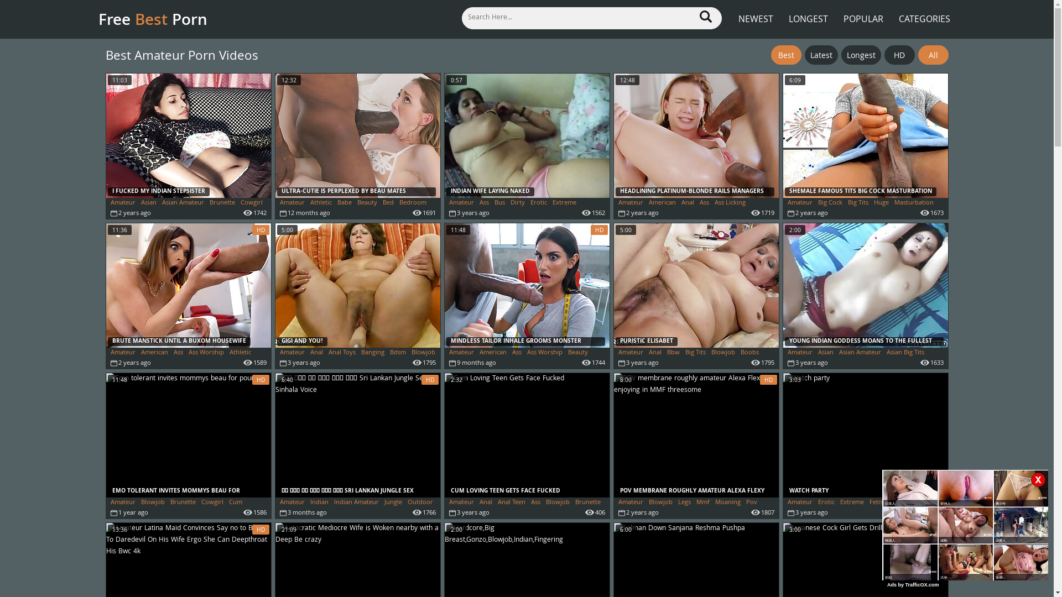 This screenshot has height=597, width=1062. What do you see at coordinates (913, 584) in the screenshot?
I see `'Ads by TrafficOX.com'` at bounding box center [913, 584].